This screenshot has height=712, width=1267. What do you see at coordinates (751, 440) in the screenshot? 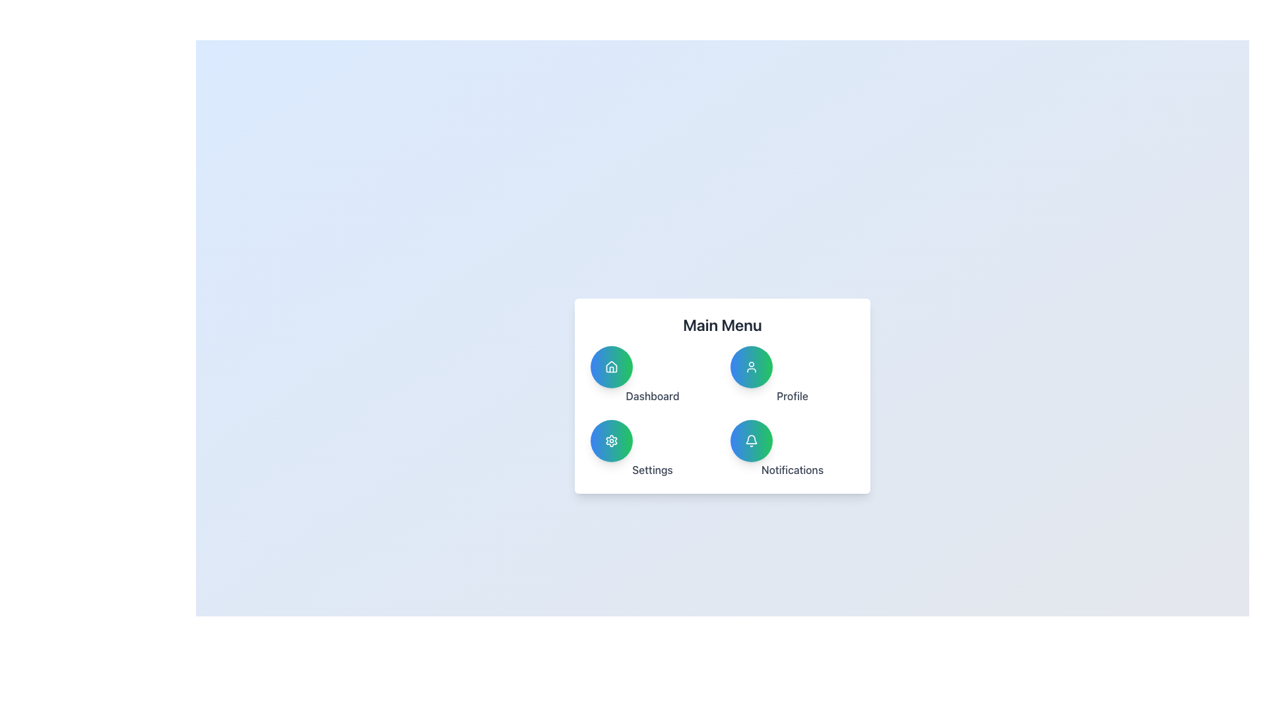
I see `the circular gradient button with a white bell icon located in the bottom-right corner of the 'Notifications View Recent Alerts' section` at bounding box center [751, 440].